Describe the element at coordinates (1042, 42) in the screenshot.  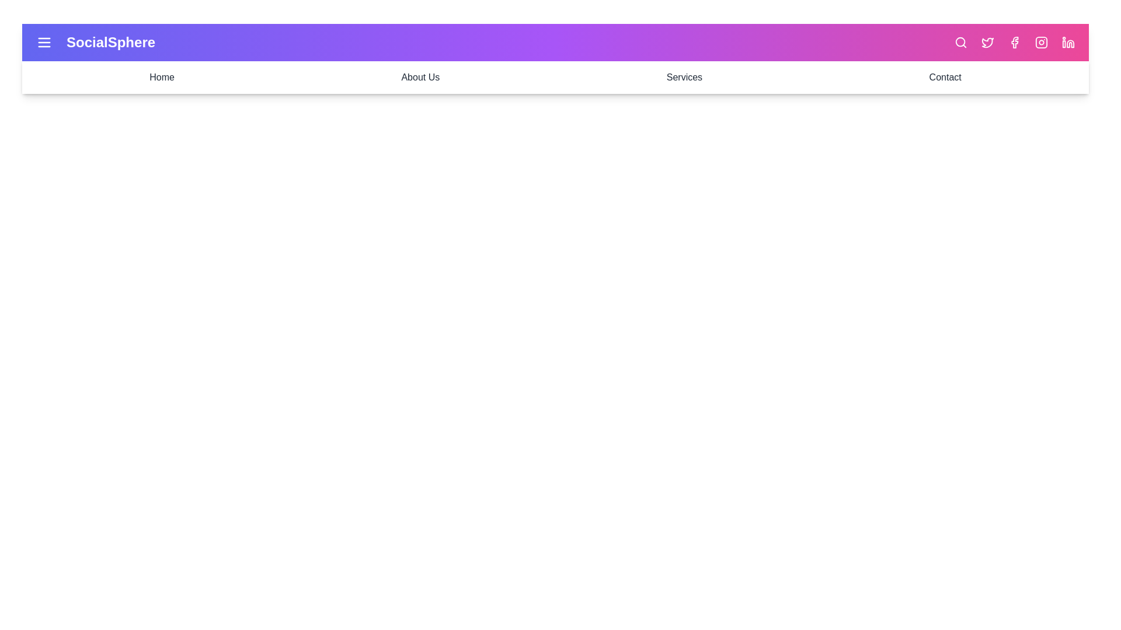
I see `the Instagram icon to open its respective link` at that location.